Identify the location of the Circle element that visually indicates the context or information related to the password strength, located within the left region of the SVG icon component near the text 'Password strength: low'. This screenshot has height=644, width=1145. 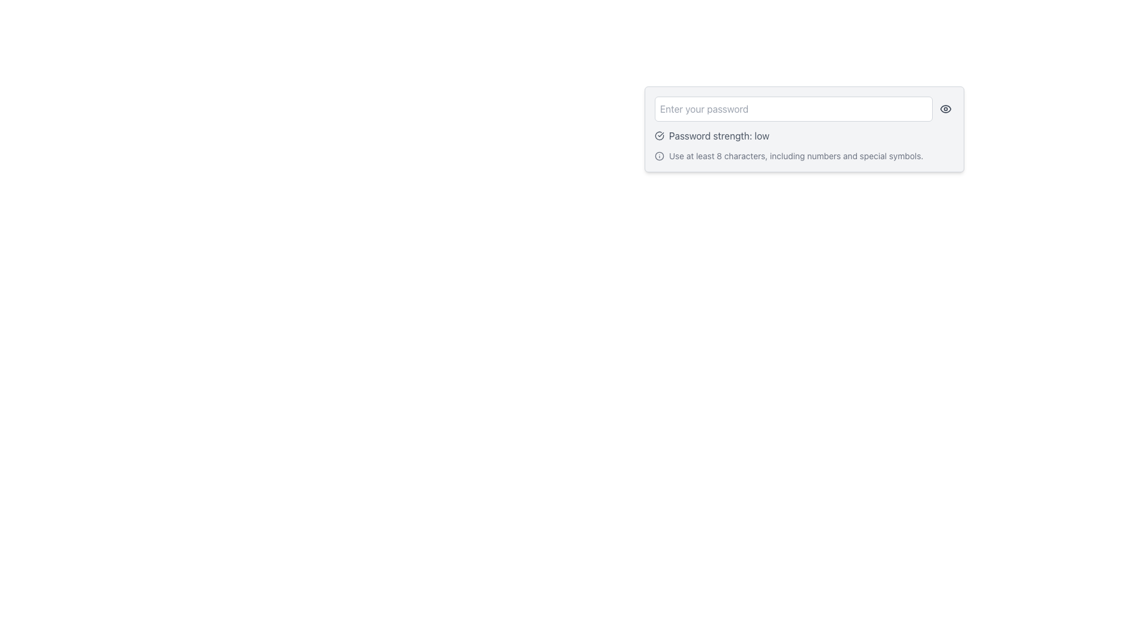
(658, 155).